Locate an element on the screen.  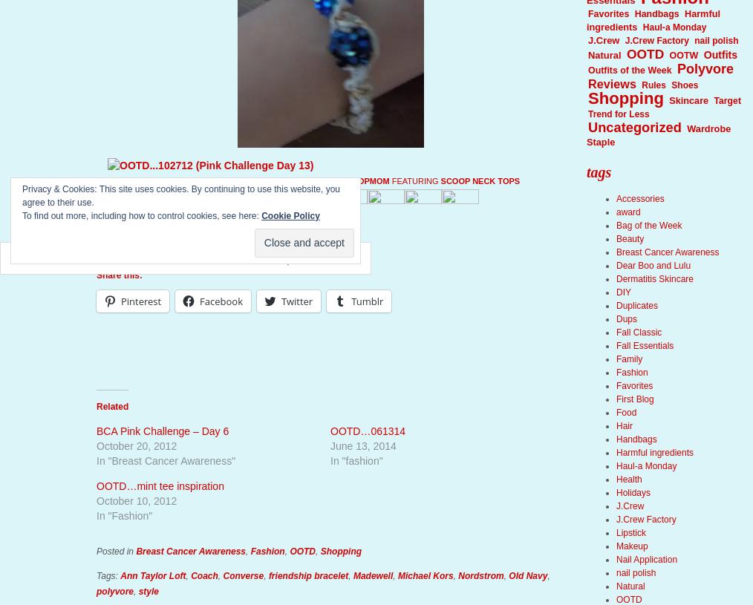
'polyvore' is located at coordinates (115, 591).